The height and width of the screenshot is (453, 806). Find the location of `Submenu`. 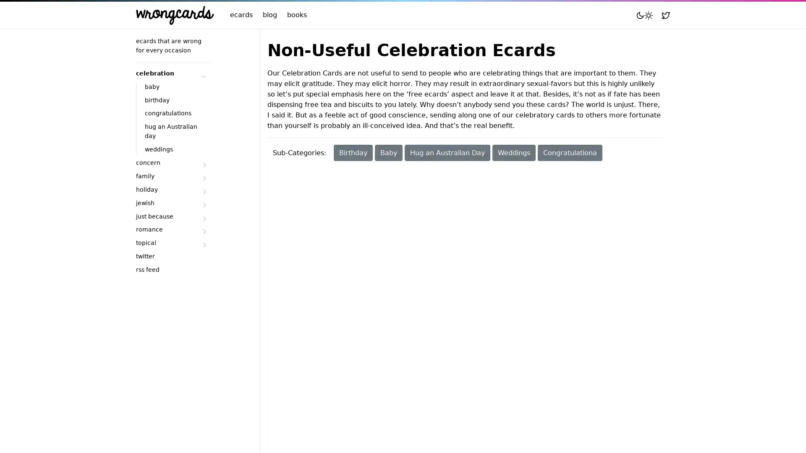

Submenu is located at coordinates (203, 177).